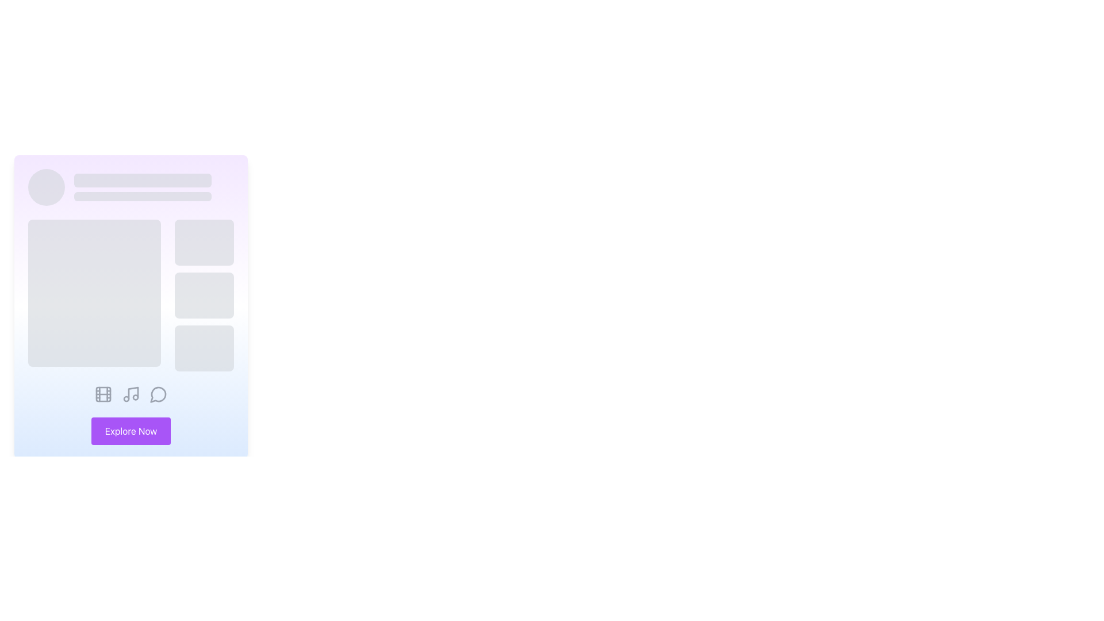  I want to click on the second Placeholder element in the vertical column of loading animations, which serves as a visual indicator of a UI component yet to be populated with content, so click(204, 294).